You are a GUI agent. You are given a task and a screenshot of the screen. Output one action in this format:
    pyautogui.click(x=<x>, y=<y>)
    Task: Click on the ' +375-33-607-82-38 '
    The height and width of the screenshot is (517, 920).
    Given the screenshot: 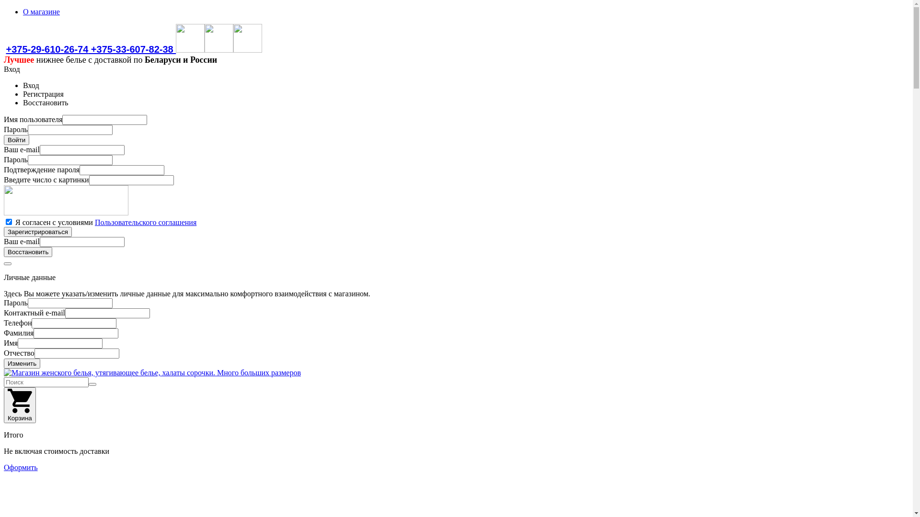 What is the action you would take?
    pyautogui.click(x=88, y=49)
    